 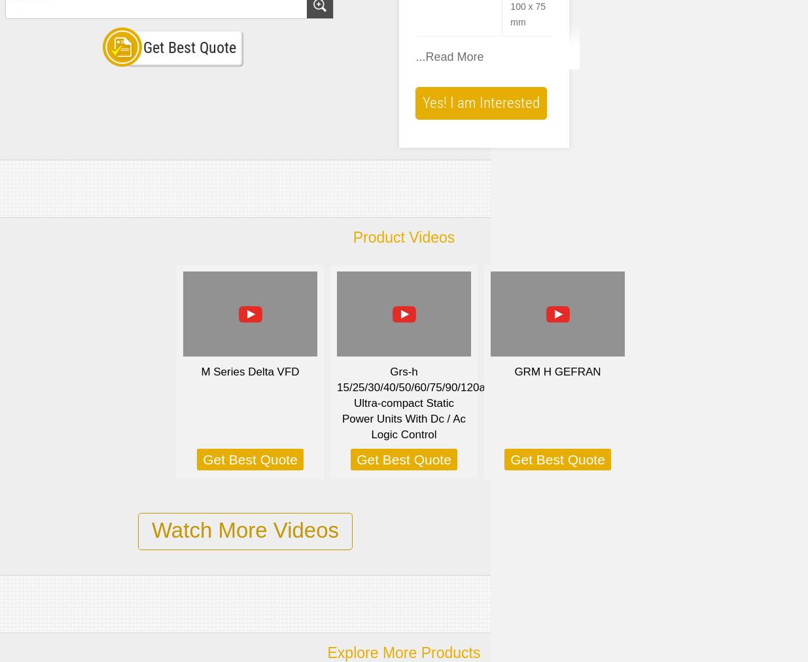 I want to click on 'Product Videos', so click(x=403, y=237).